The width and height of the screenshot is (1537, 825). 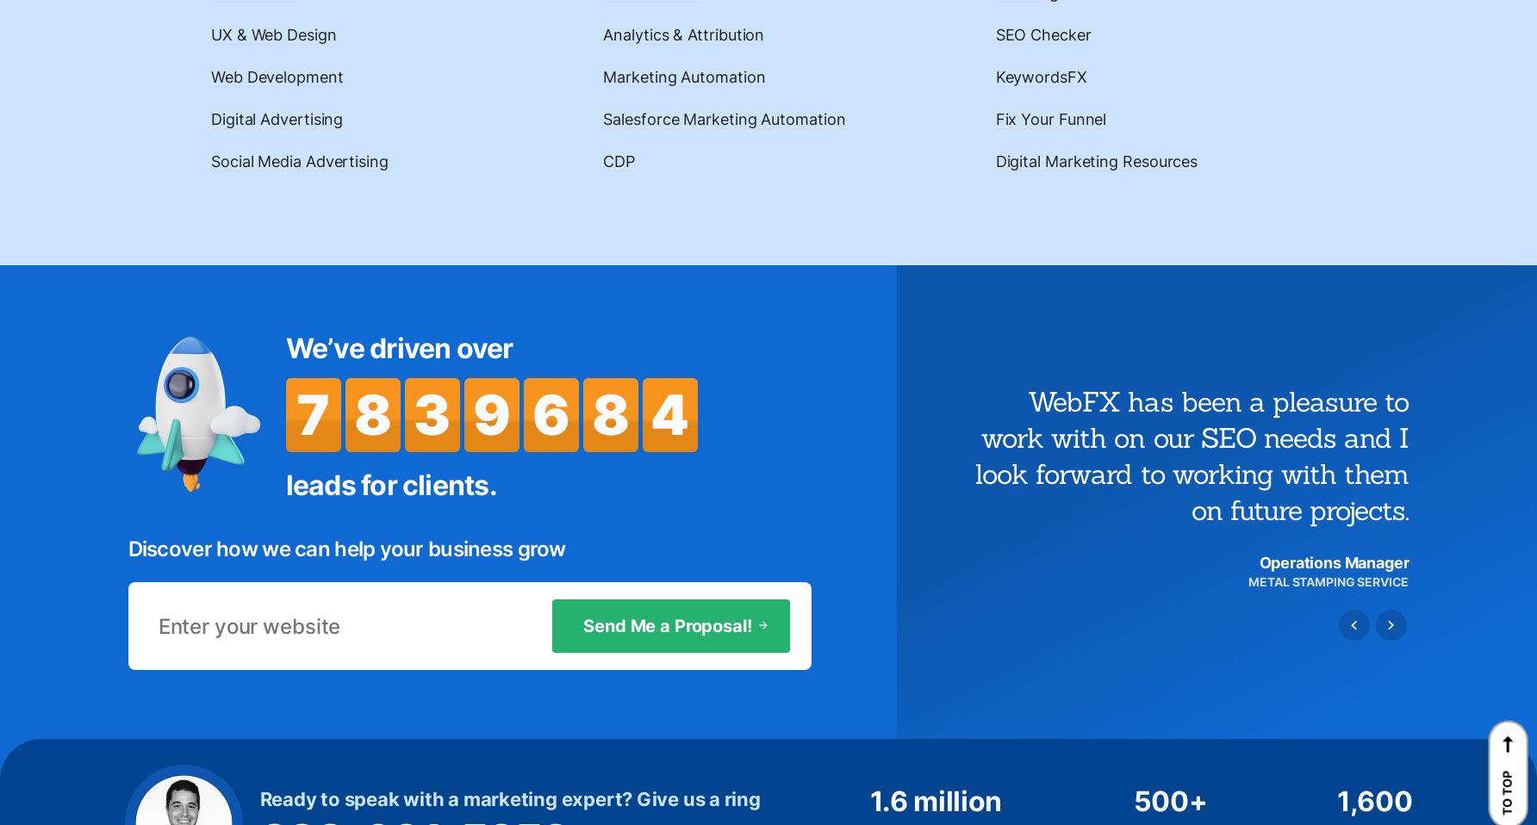 I want to click on 'Hours of Expertise', so click(x=938, y=121).